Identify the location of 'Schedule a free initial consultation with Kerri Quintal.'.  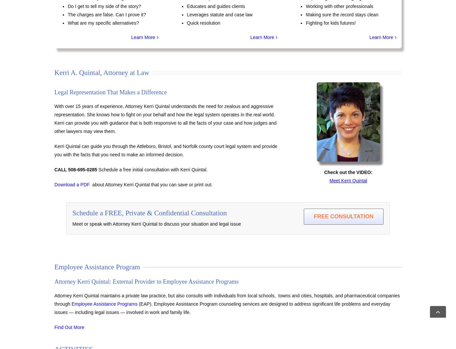
(152, 169).